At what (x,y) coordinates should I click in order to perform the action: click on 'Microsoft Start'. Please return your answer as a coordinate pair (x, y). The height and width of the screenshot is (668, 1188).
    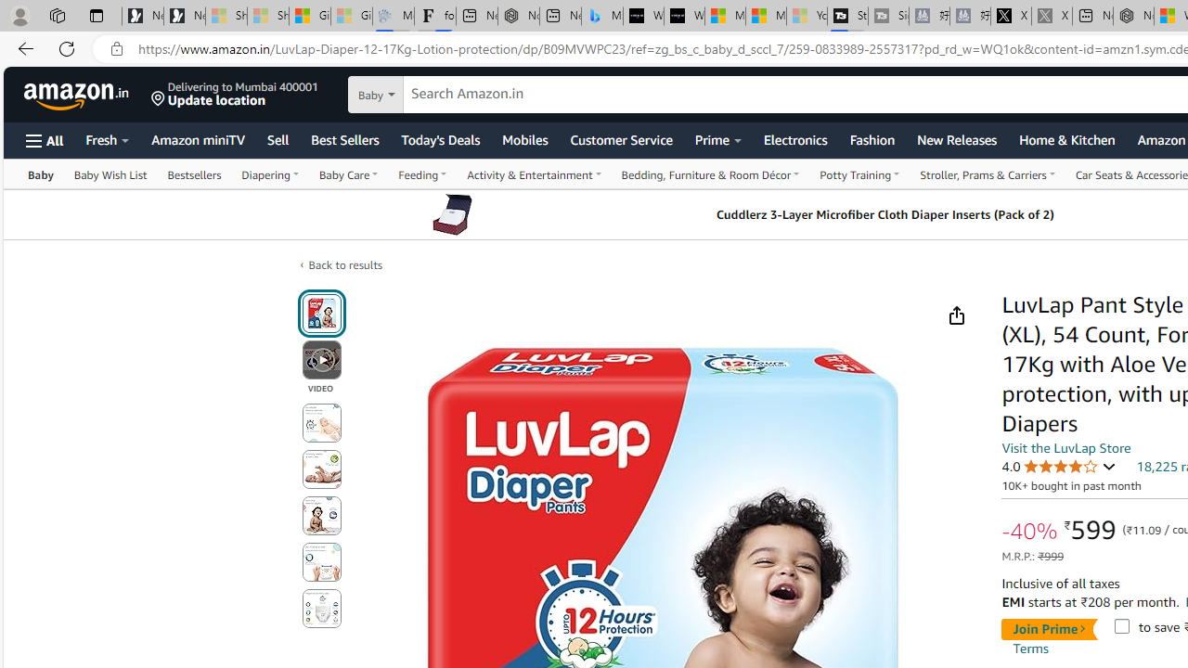
    Looking at the image, I should click on (766, 16).